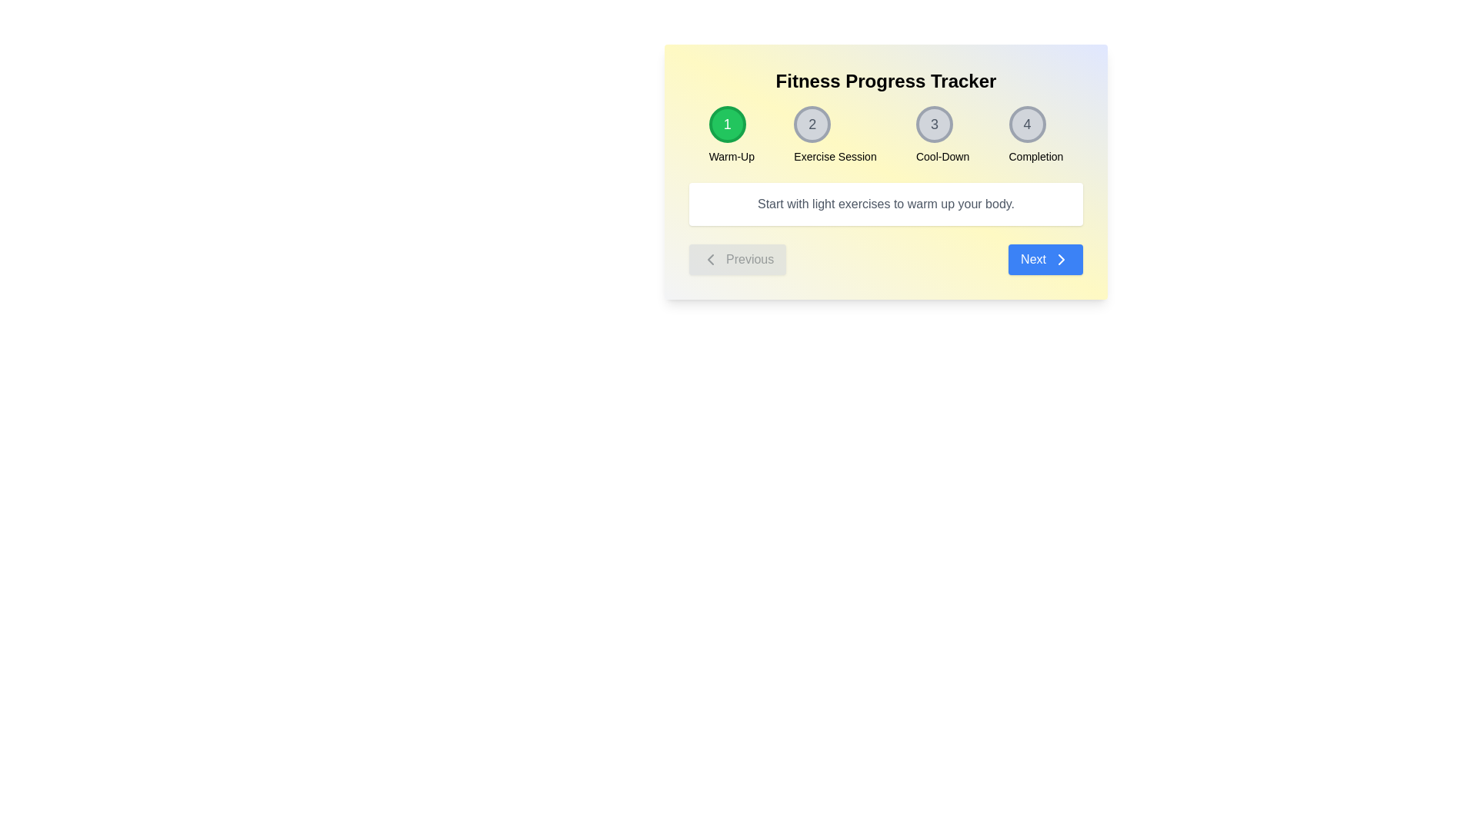 The height and width of the screenshot is (830, 1477). What do you see at coordinates (942, 157) in the screenshot?
I see `the text label indicating the 'Cool-Down' phase, which is the third step in the progress tracker located beneath the '3' step label` at bounding box center [942, 157].